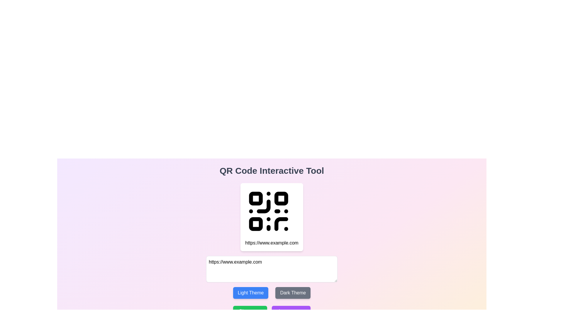  Describe the element at coordinates (279, 311) in the screenshot. I see `the download icon located to the left of the 'Download' button at the bottom left area of the page` at that location.